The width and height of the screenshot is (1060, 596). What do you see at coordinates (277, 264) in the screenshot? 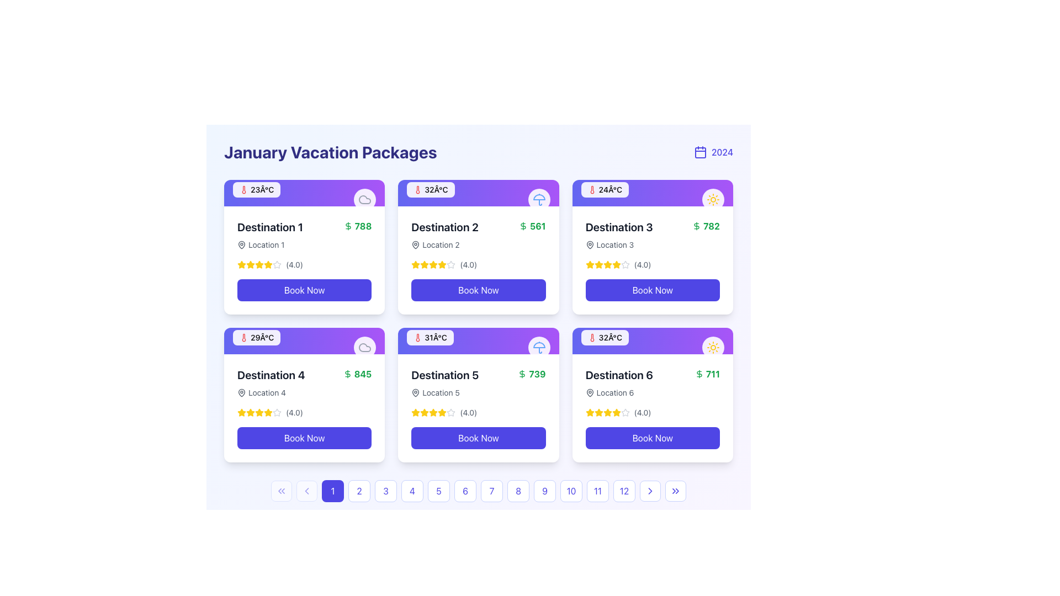
I see `the fourth star in the rating display for the destination` at bounding box center [277, 264].